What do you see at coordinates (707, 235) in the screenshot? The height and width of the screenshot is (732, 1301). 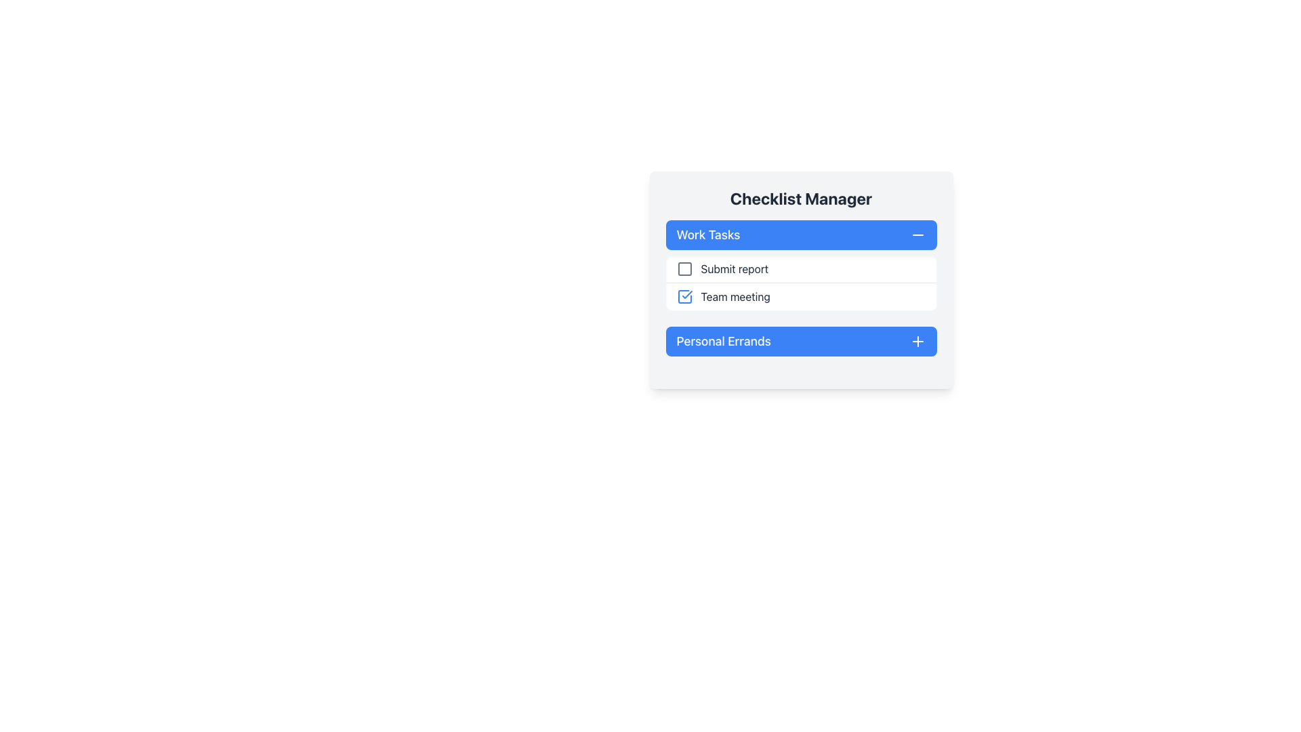 I see `the 'Work Tasks' text label, which identifies the category of tasks and is positioned at the left side of the horizontal bar in the task list interface` at bounding box center [707, 235].